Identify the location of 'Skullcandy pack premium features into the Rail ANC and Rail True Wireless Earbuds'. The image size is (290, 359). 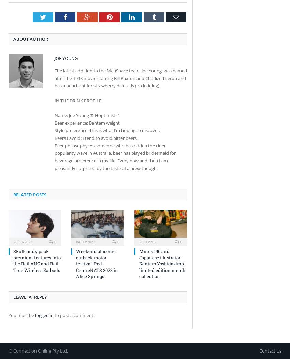
(37, 260).